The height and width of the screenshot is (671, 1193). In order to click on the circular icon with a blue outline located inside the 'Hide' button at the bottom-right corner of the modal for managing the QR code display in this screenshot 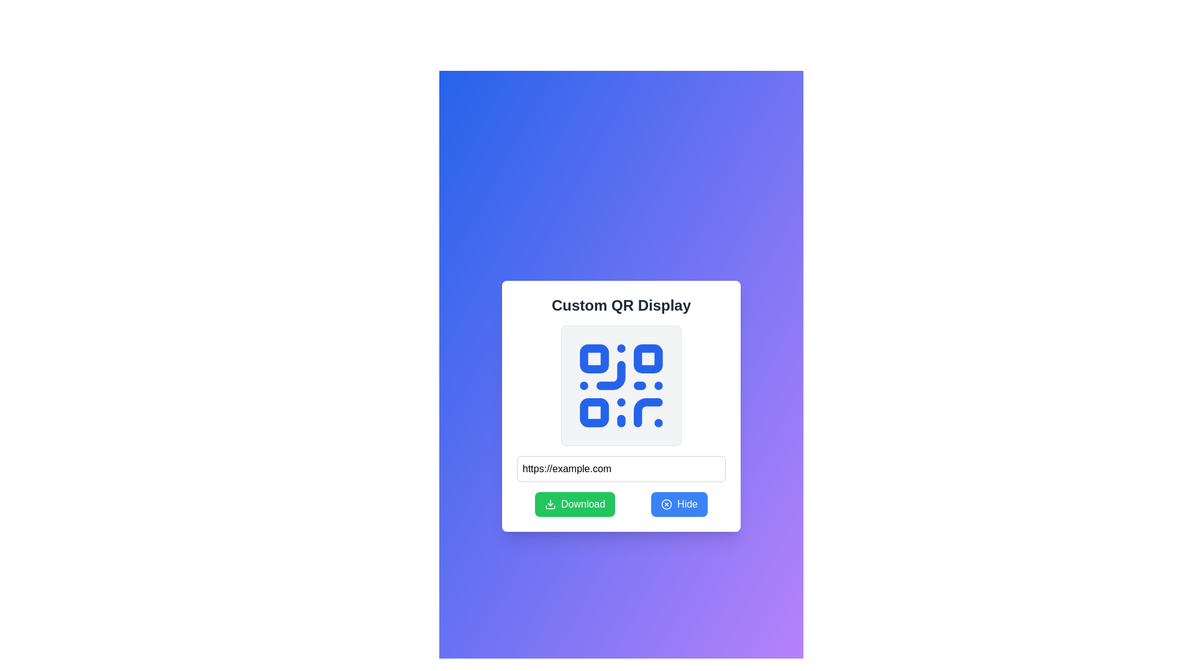, I will do `click(666, 504)`.